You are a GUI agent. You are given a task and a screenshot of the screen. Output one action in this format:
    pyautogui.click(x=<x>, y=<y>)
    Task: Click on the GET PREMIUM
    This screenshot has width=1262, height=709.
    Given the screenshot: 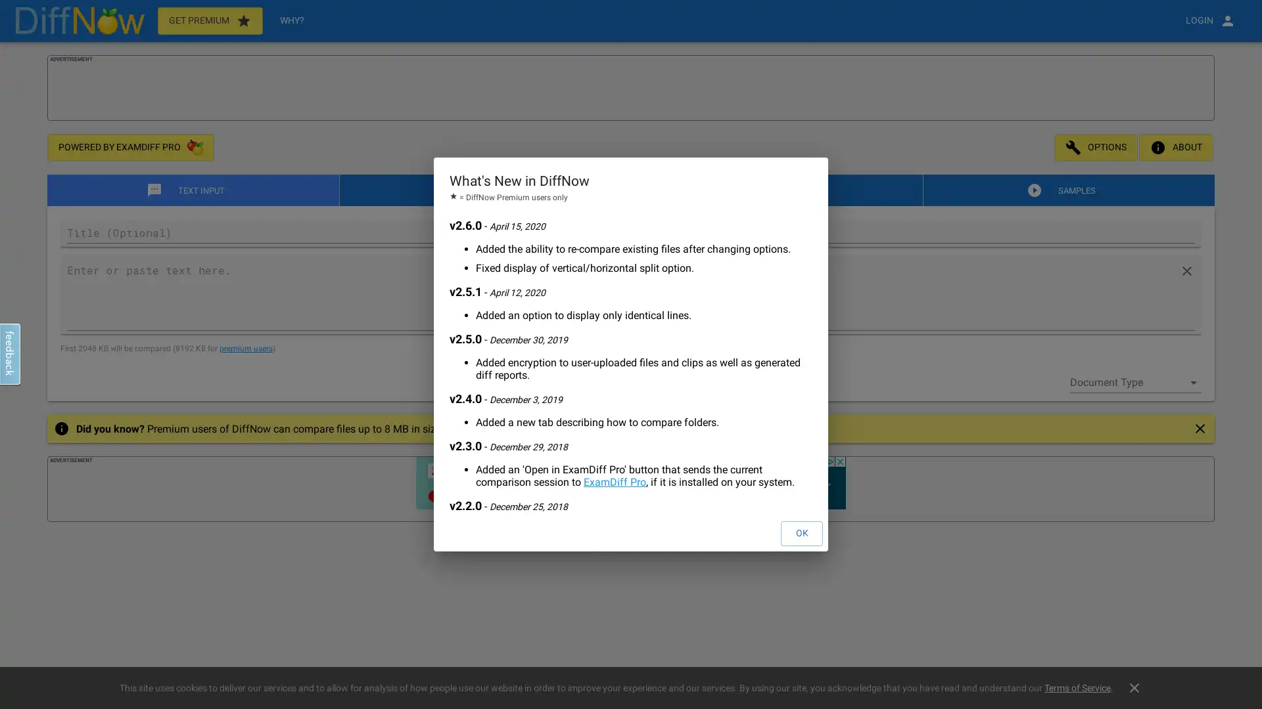 What is the action you would take?
    pyautogui.click(x=208, y=20)
    